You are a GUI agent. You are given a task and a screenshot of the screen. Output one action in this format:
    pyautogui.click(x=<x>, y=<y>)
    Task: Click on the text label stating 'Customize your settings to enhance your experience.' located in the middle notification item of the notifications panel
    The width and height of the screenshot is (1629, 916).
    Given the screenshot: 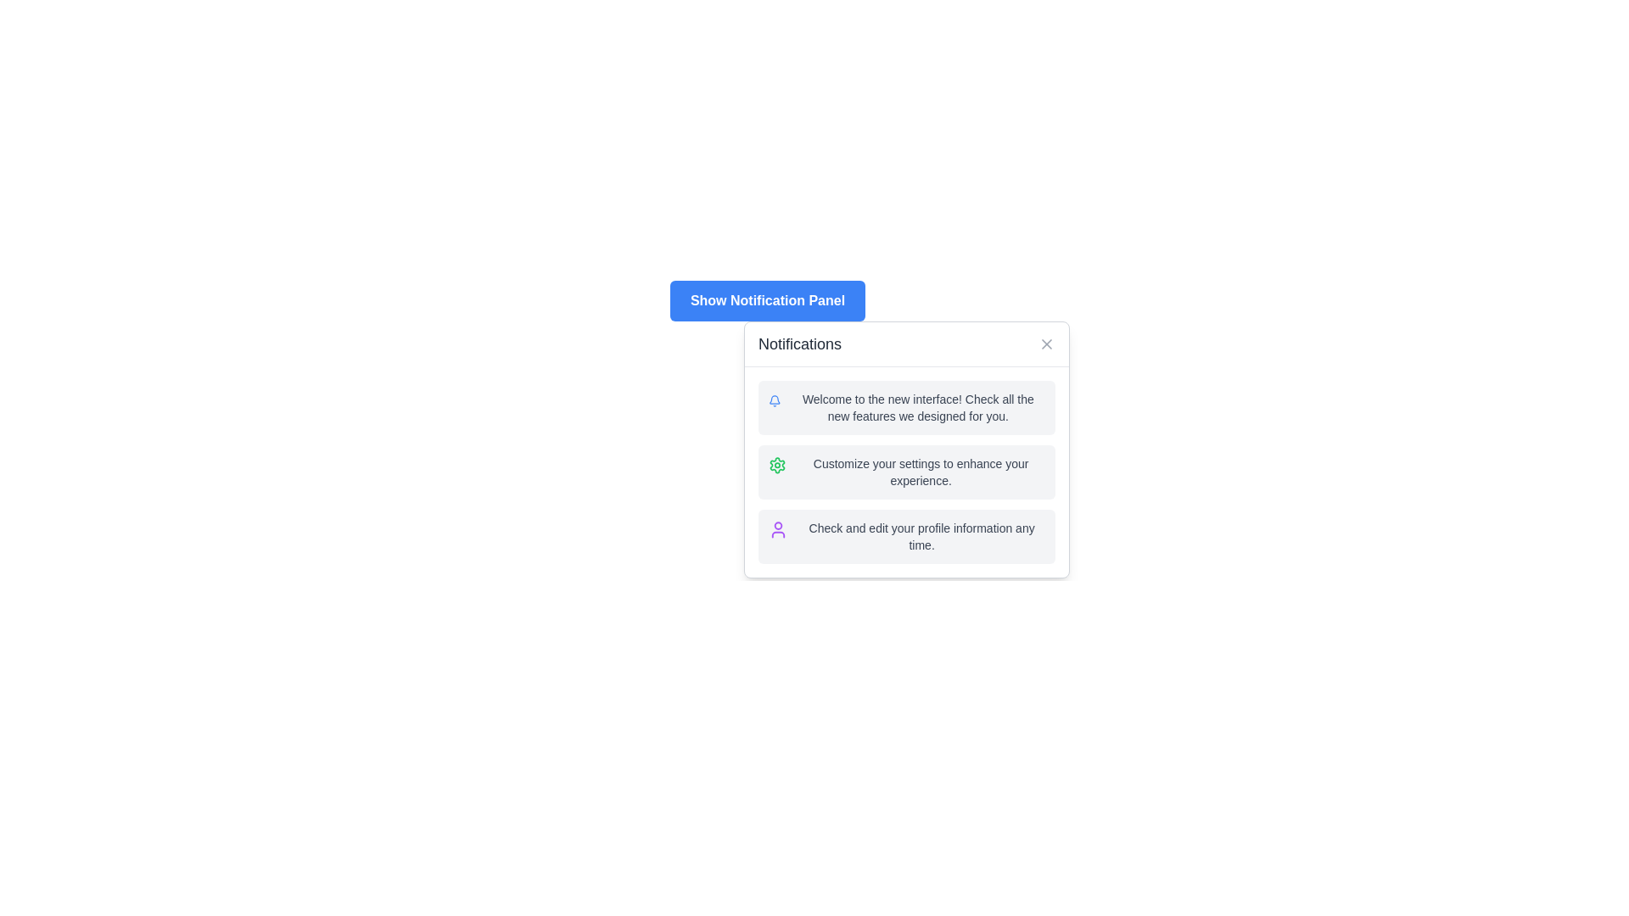 What is the action you would take?
    pyautogui.click(x=920, y=472)
    